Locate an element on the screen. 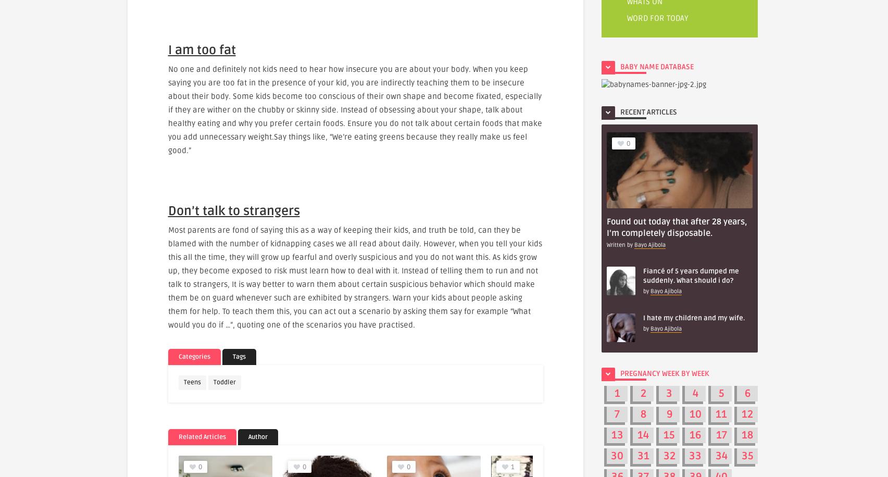  'Found out today that after 28 years, I’m completely disposable.' is located at coordinates (677, 227).